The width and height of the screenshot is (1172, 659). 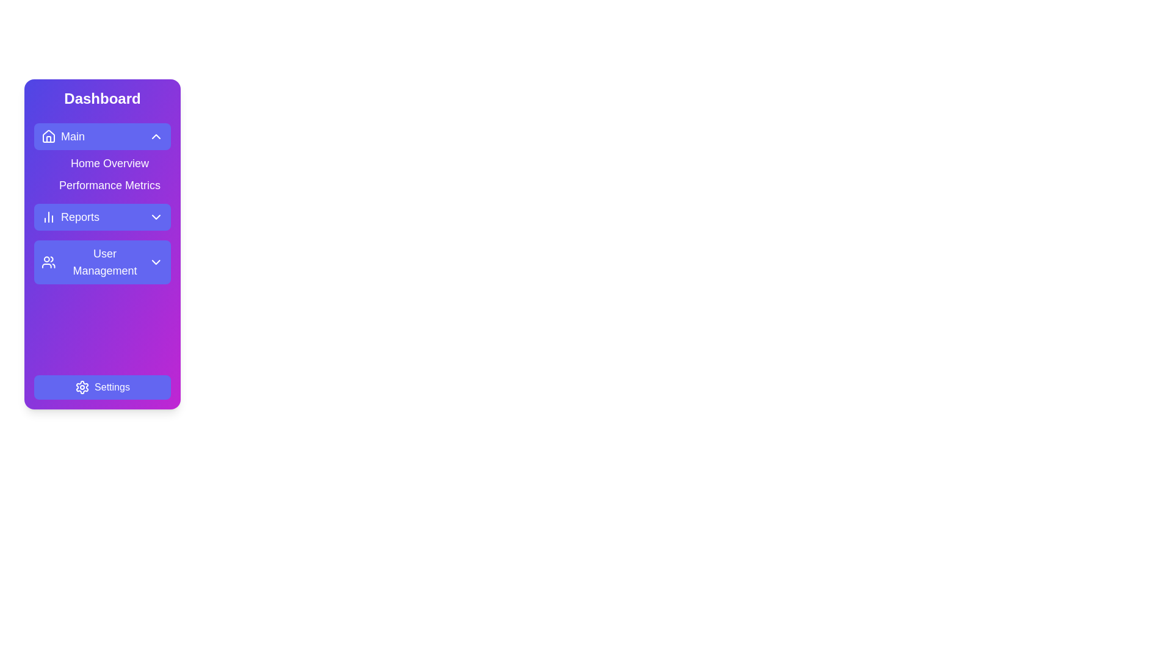 I want to click on the navigation button that directs to the 'Home Overview' section, located below the 'Main' section and above the 'Performance Metrics' button, to change its appearance, so click(x=110, y=162).